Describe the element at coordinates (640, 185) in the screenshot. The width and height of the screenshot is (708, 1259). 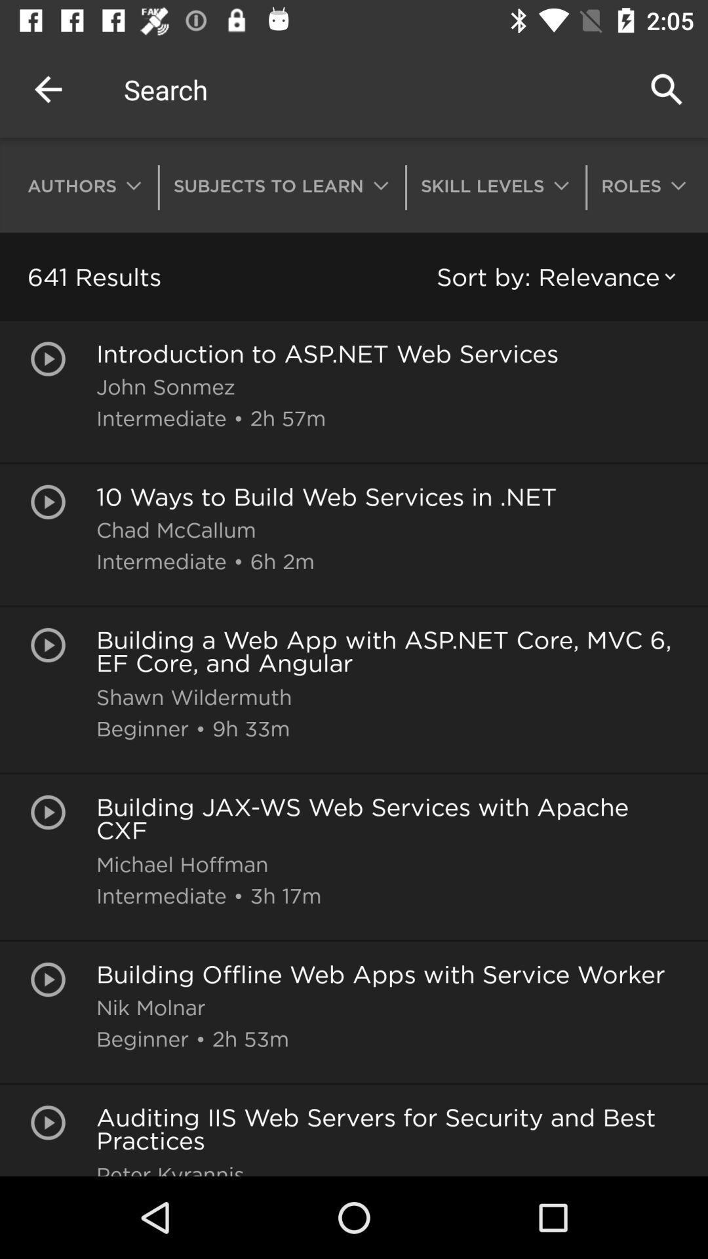
I see `the more icon` at that location.